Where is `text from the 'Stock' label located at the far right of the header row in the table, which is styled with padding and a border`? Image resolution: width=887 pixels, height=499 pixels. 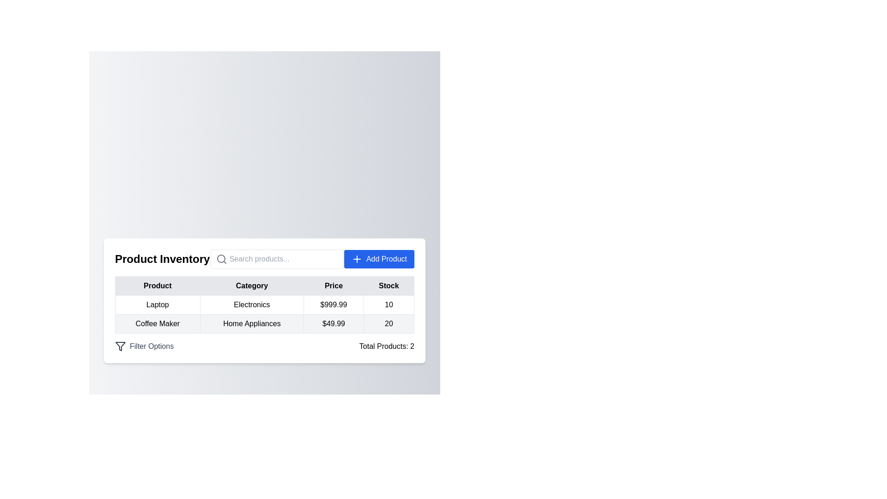
text from the 'Stock' label located at the far right of the header row in the table, which is styled with padding and a border is located at coordinates (389, 285).